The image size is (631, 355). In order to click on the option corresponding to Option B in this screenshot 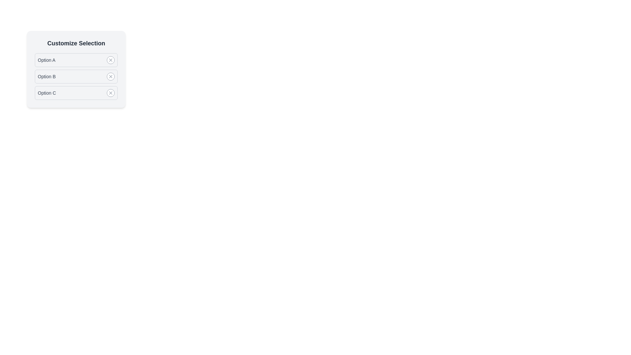, I will do `click(110, 76)`.